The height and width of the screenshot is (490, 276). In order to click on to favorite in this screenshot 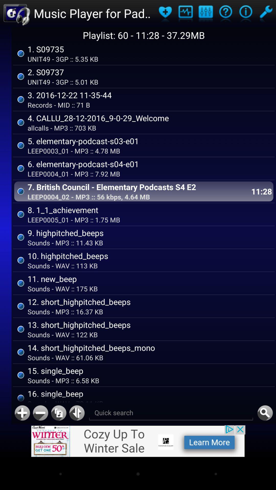, I will do `click(165, 13)`.